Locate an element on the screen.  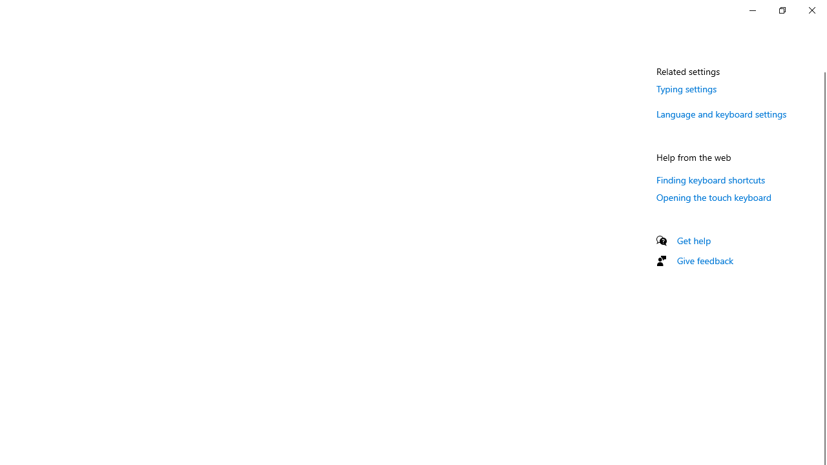
'Give feedback' is located at coordinates (704, 260).